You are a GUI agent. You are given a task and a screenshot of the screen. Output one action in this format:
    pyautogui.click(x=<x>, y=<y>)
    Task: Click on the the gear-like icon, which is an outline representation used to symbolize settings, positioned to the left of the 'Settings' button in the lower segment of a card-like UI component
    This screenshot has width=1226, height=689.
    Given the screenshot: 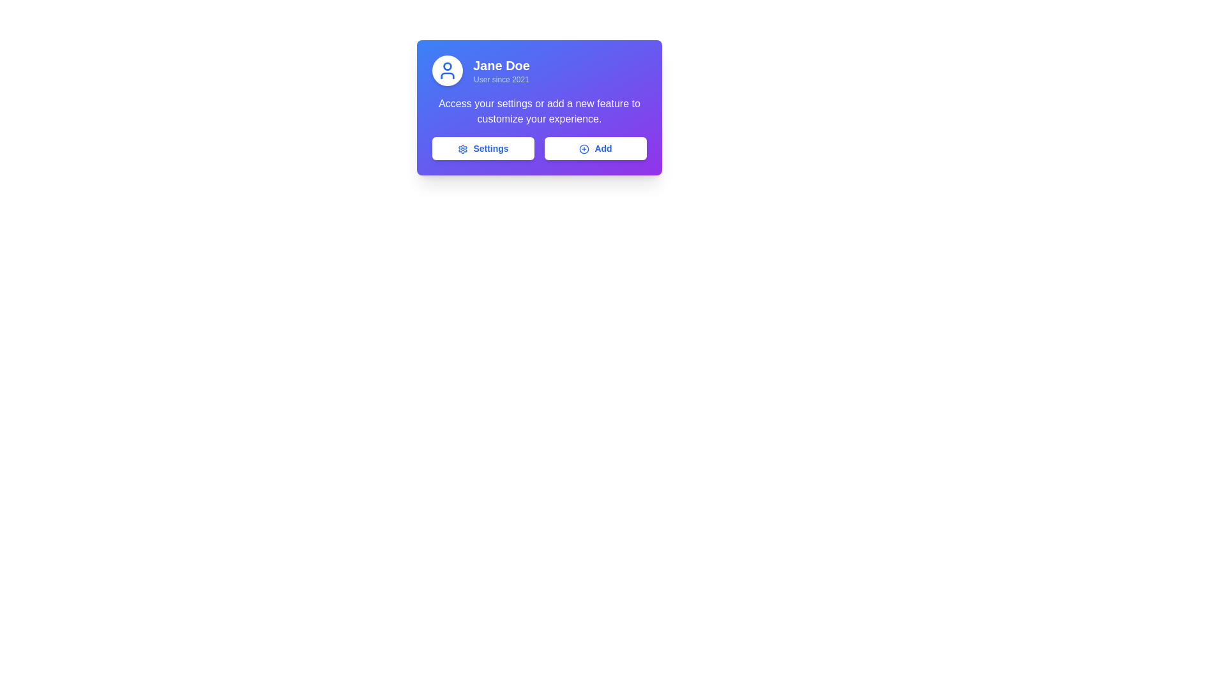 What is the action you would take?
    pyautogui.click(x=462, y=149)
    